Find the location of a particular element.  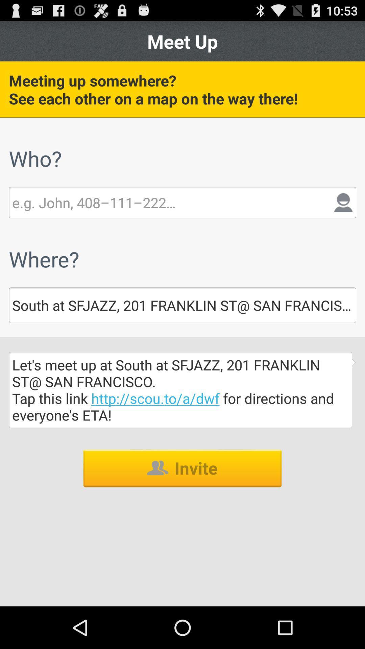

type here is located at coordinates (94, 202).